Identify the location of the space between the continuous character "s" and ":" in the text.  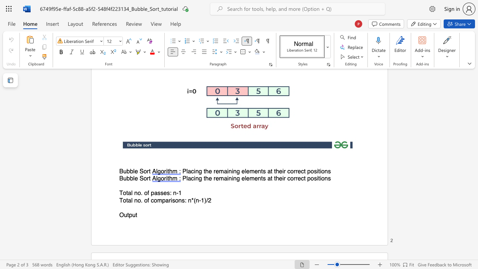
(169, 193).